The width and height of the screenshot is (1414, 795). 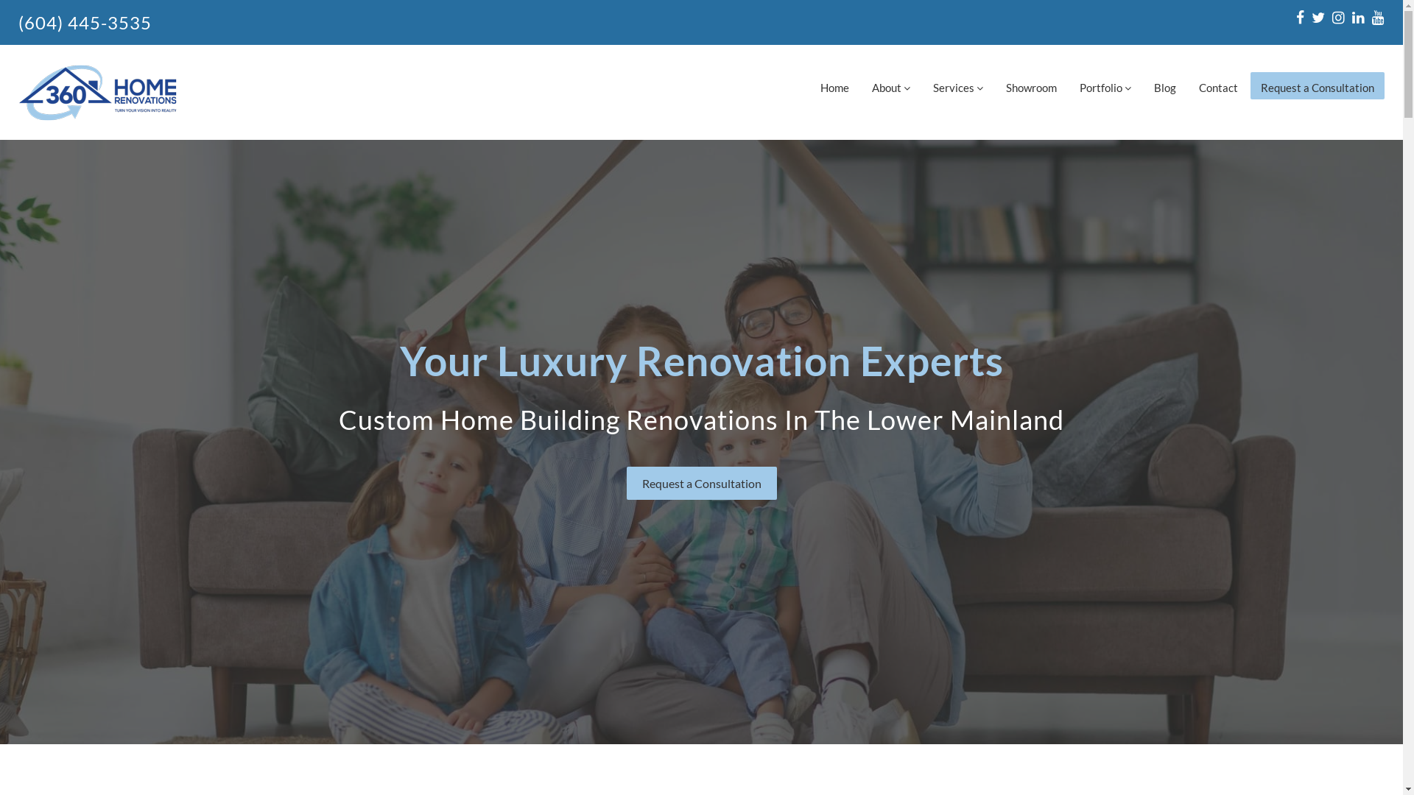 What do you see at coordinates (1105, 85) in the screenshot?
I see `'Portfolio'` at bounding box center [1105, 85].